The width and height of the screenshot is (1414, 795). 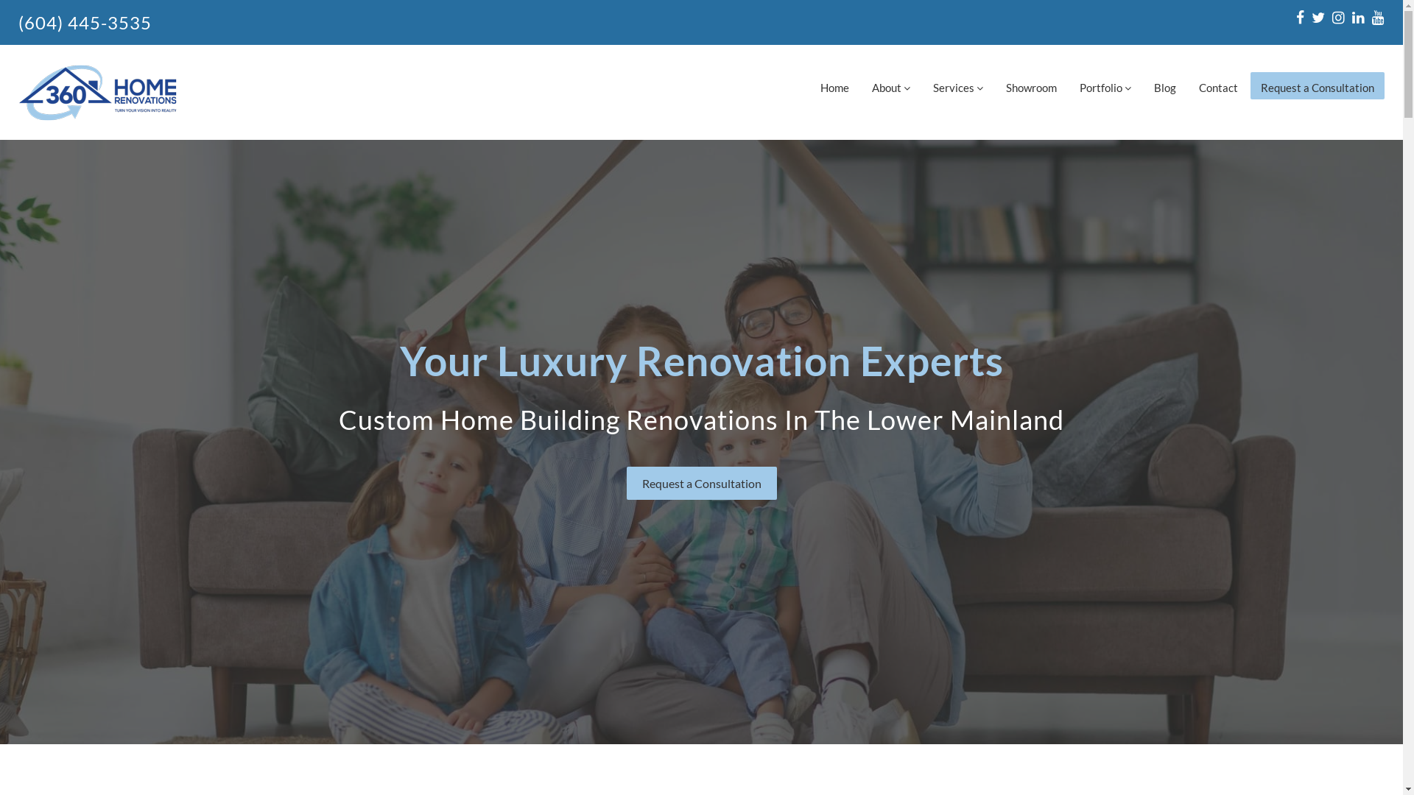 What do you see at coordinates (1105, 85) in the screenshot?
I see `'Portfolio'` at bounding box center [1105, 85].